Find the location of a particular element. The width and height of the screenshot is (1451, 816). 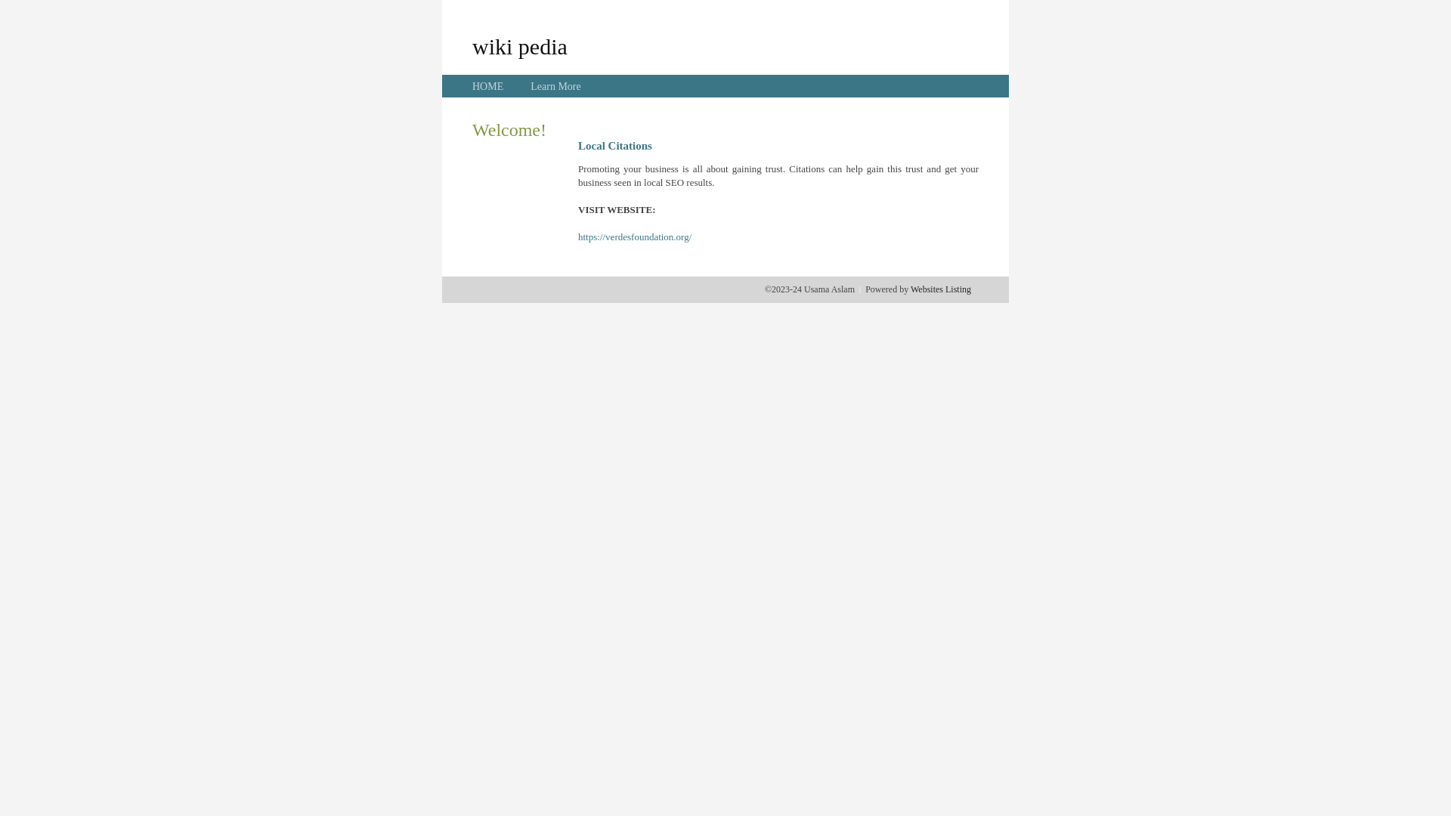

'wiki pedia' is located at coordinates (519, 45).